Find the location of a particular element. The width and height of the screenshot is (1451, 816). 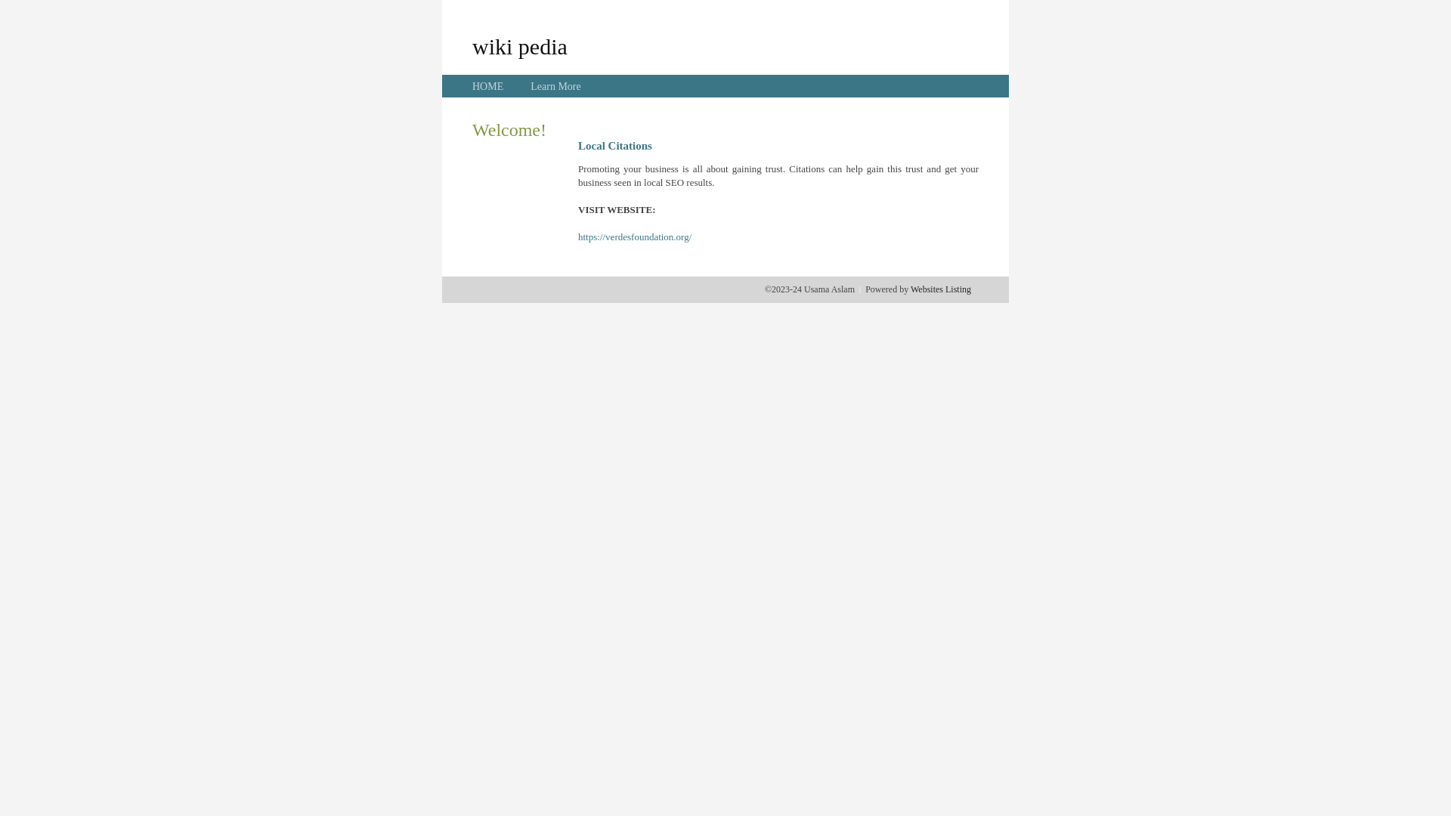

'wiki pedia' is located at coordinates (519, 45).